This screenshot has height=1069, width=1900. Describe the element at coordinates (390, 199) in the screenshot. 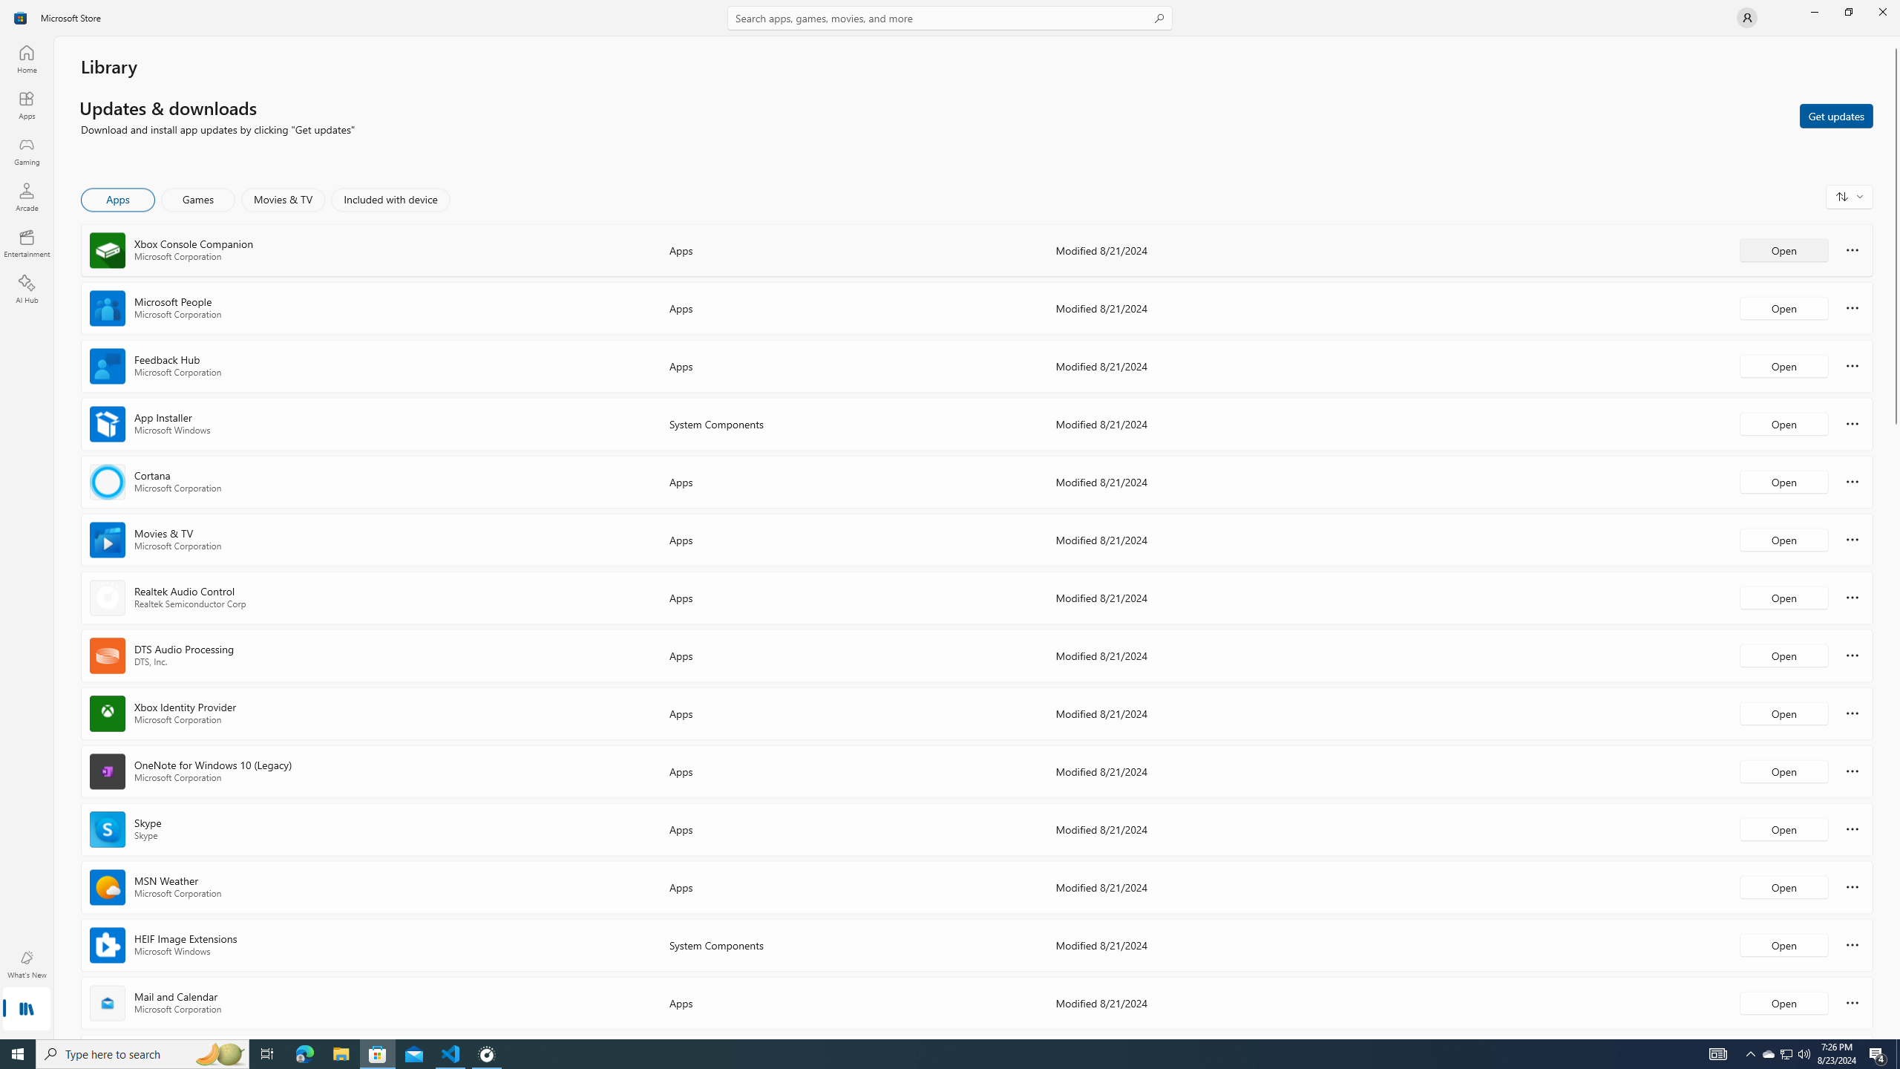

I see `'Included with device'` at that location.